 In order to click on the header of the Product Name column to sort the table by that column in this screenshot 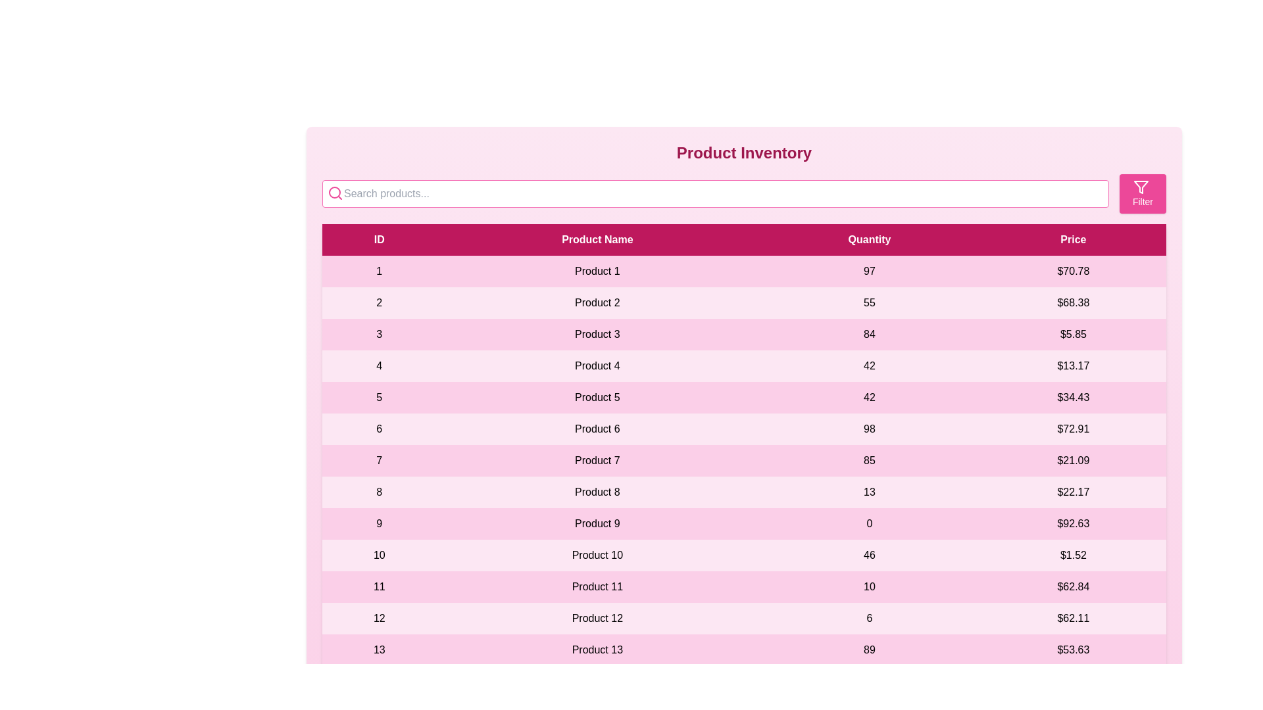, I will do `click(597, 240)`.